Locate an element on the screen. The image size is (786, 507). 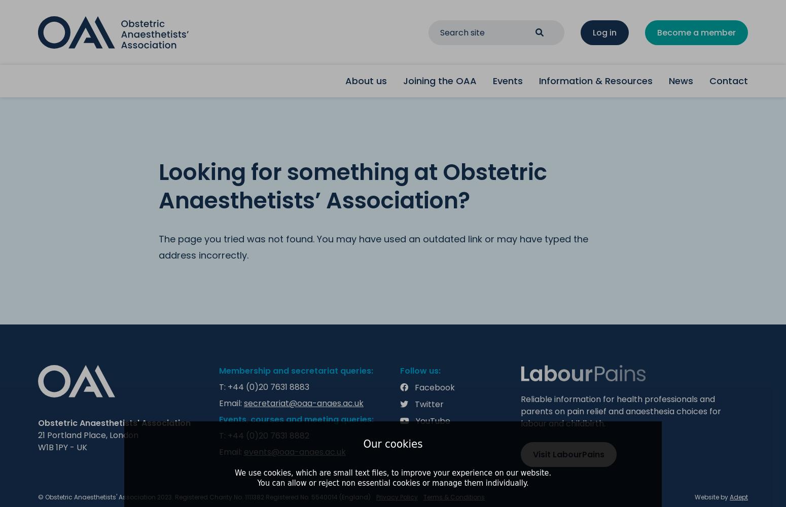
'Website by' is located at coordinates (695, 496).